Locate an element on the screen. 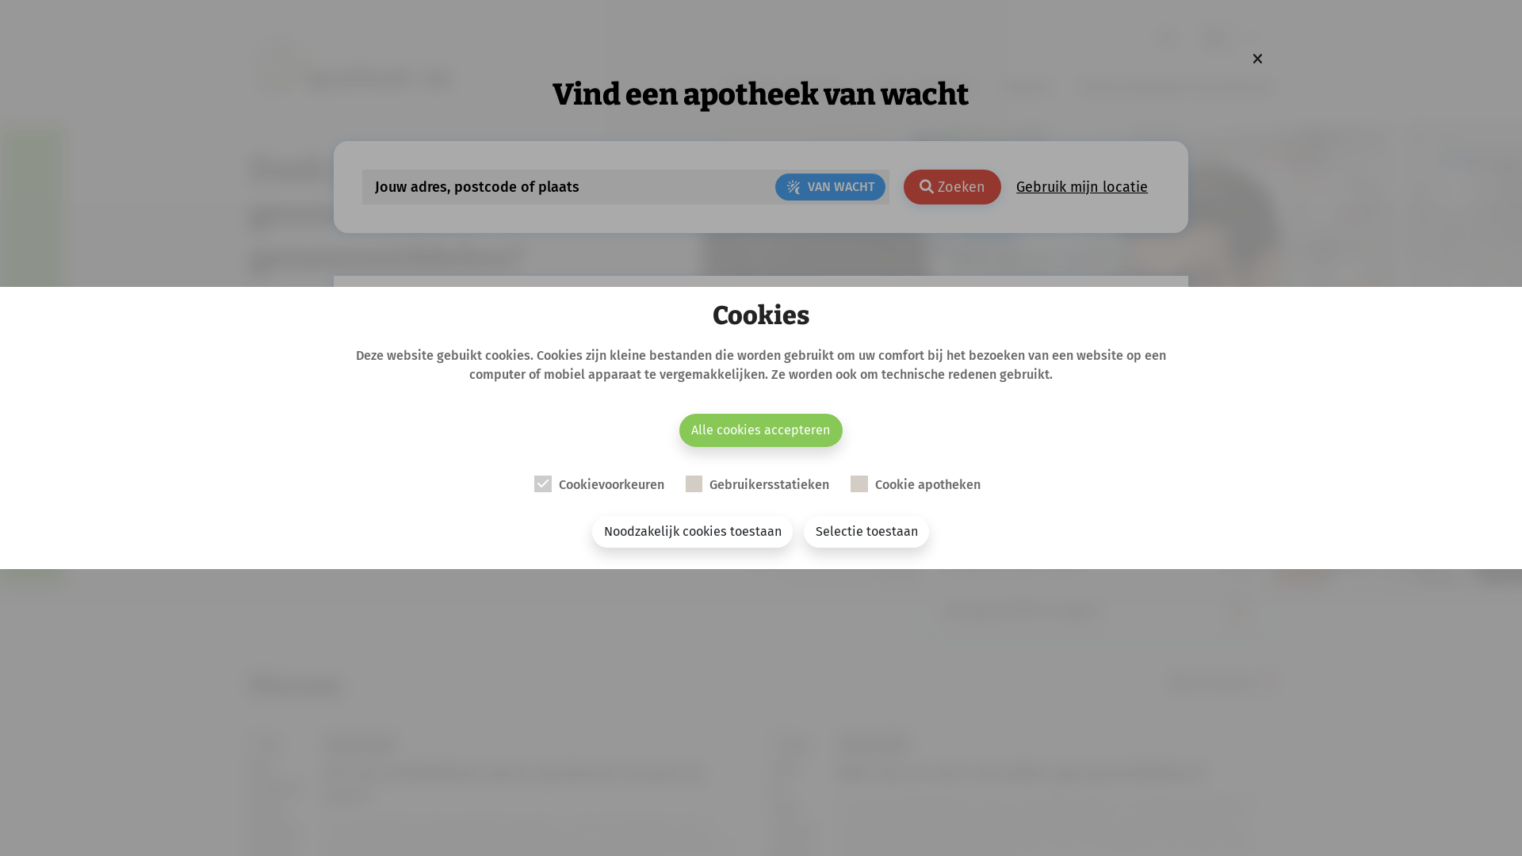 The image size is (1522, 856). 'NL' is located at coordinates (1195, 37).